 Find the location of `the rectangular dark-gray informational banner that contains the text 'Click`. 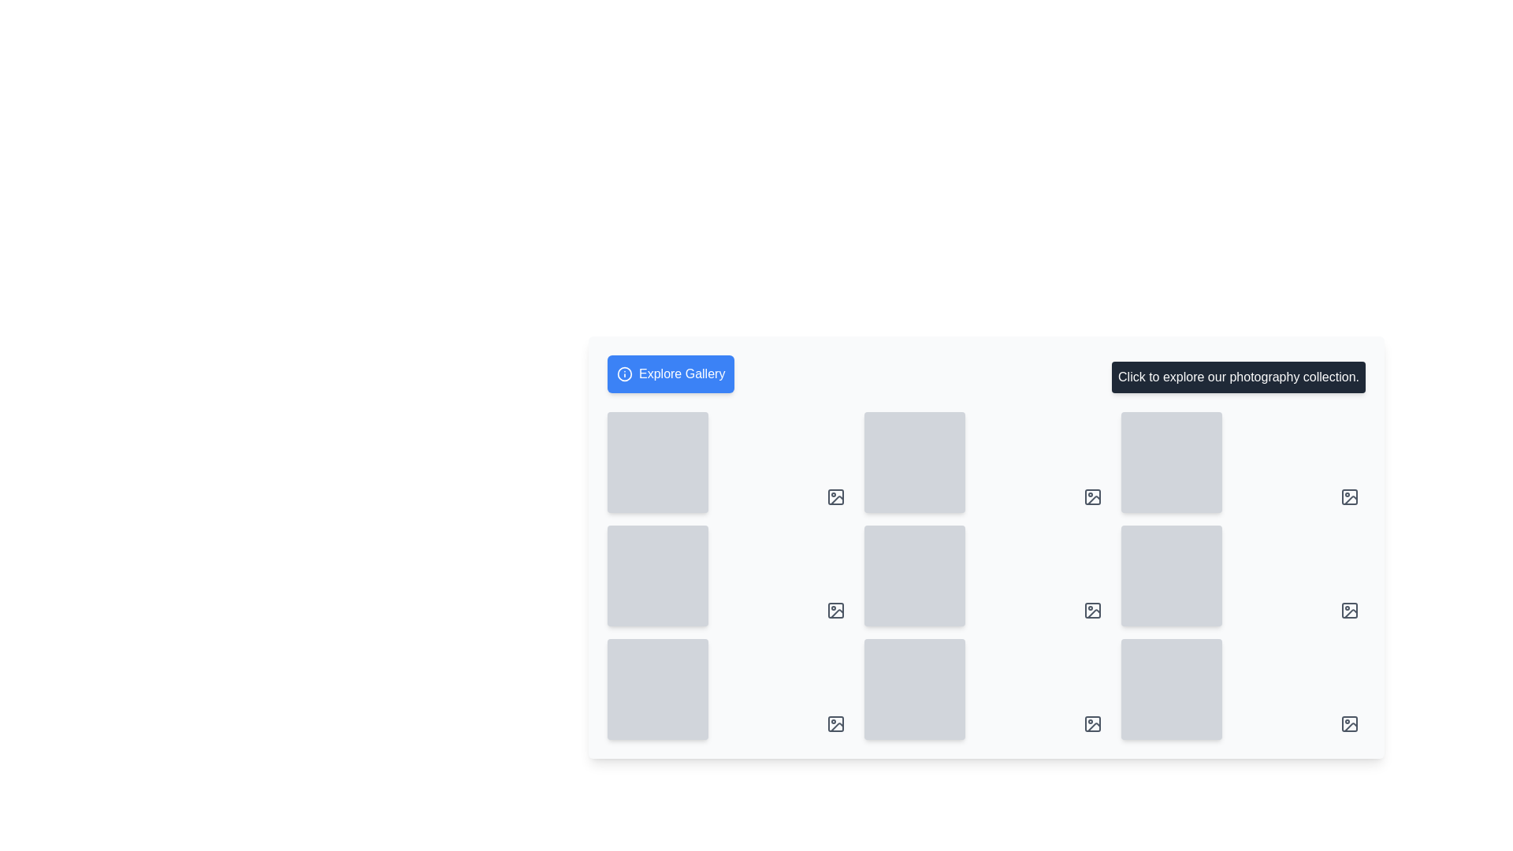

the rectangular dark-gray informational banner that contains the text 'Click is located at coordinates (1238, 377).